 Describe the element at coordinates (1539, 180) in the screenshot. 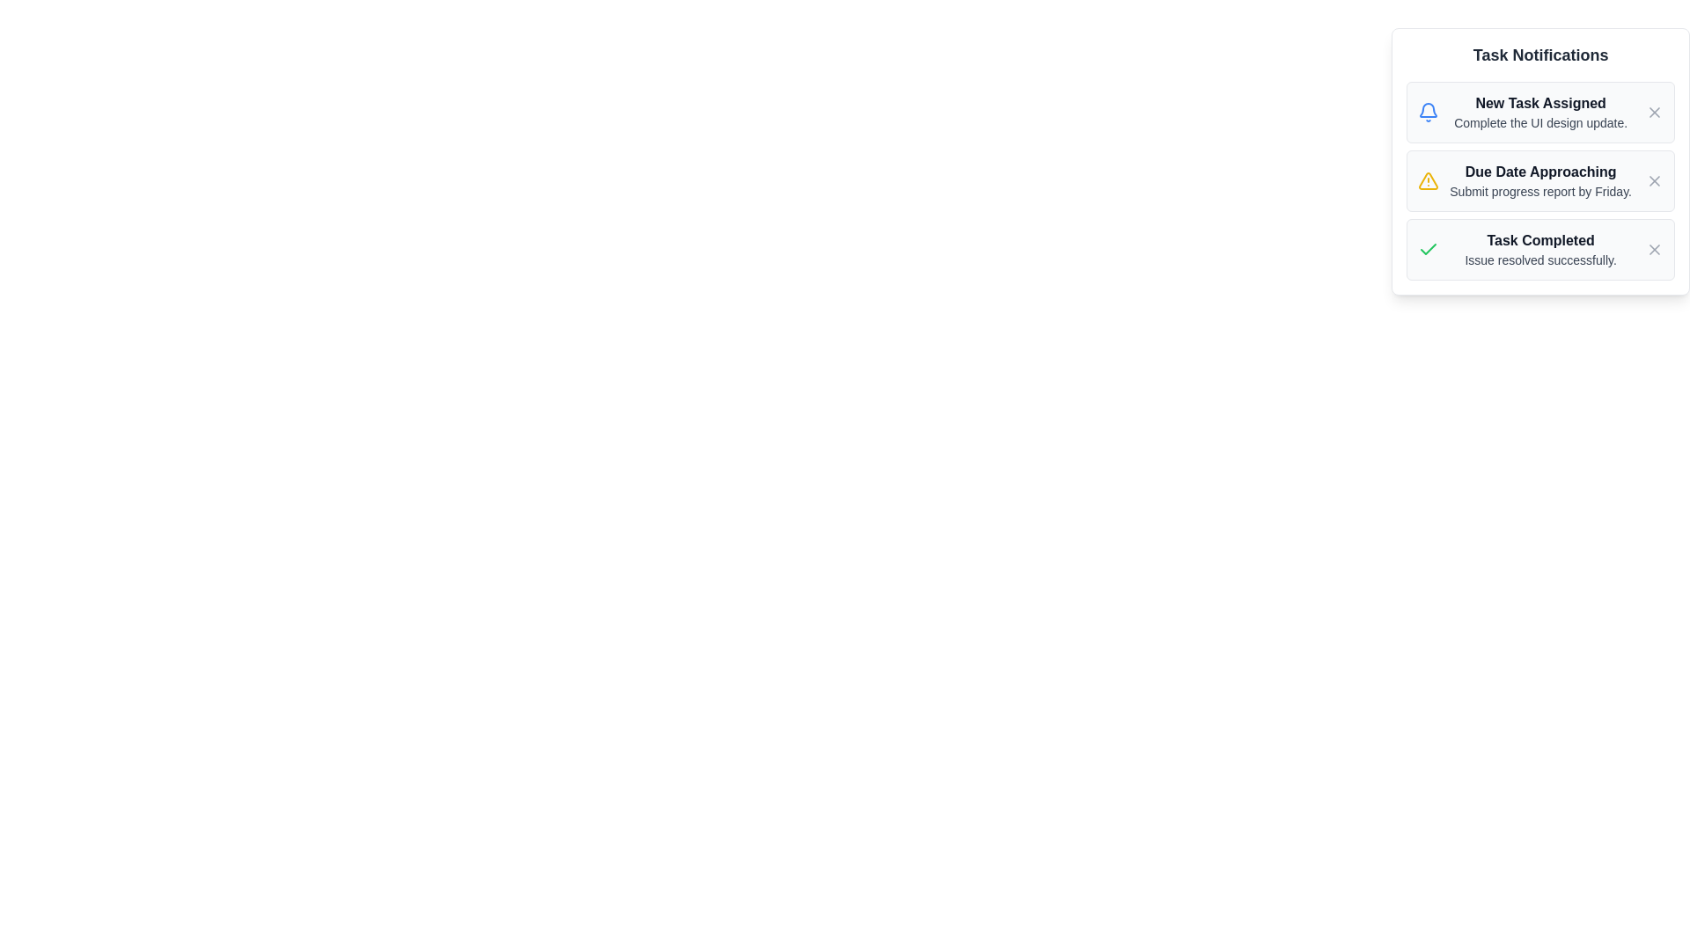

I see `the warning notification text display, which is the middle item in the notification panel, visually aligned with the yellow caution icon on the left and a close (X) button on the right` at that location.